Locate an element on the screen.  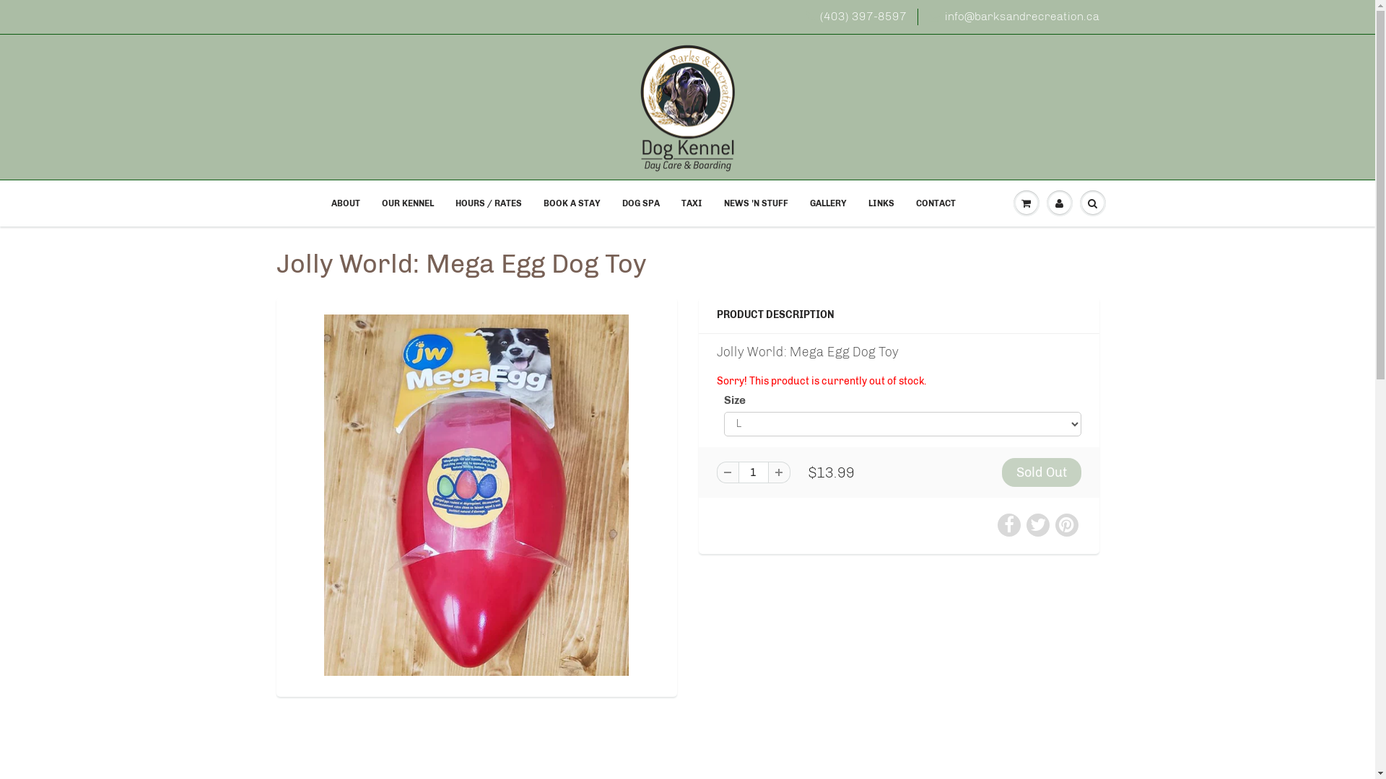
'OUR KENNEL' is located at coordinates (407, 203).